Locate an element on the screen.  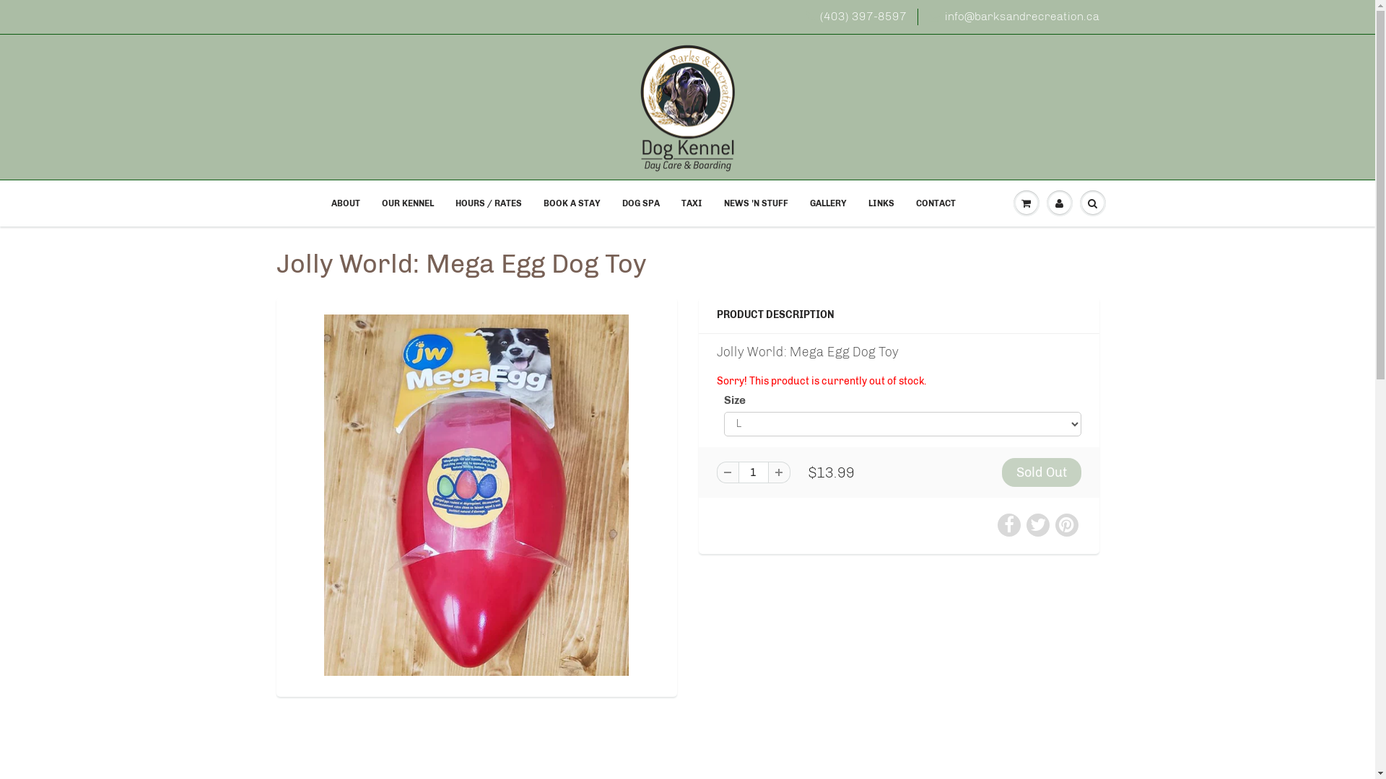
'OUR KENNEL' is located at coordinates (407, 203).